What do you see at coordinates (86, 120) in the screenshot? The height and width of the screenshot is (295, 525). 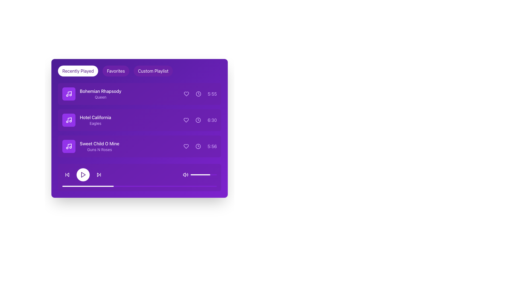 I see `on the text label grouping displaying 'Hotel California' and 'Eagles'` at bounding box center [86, 120].